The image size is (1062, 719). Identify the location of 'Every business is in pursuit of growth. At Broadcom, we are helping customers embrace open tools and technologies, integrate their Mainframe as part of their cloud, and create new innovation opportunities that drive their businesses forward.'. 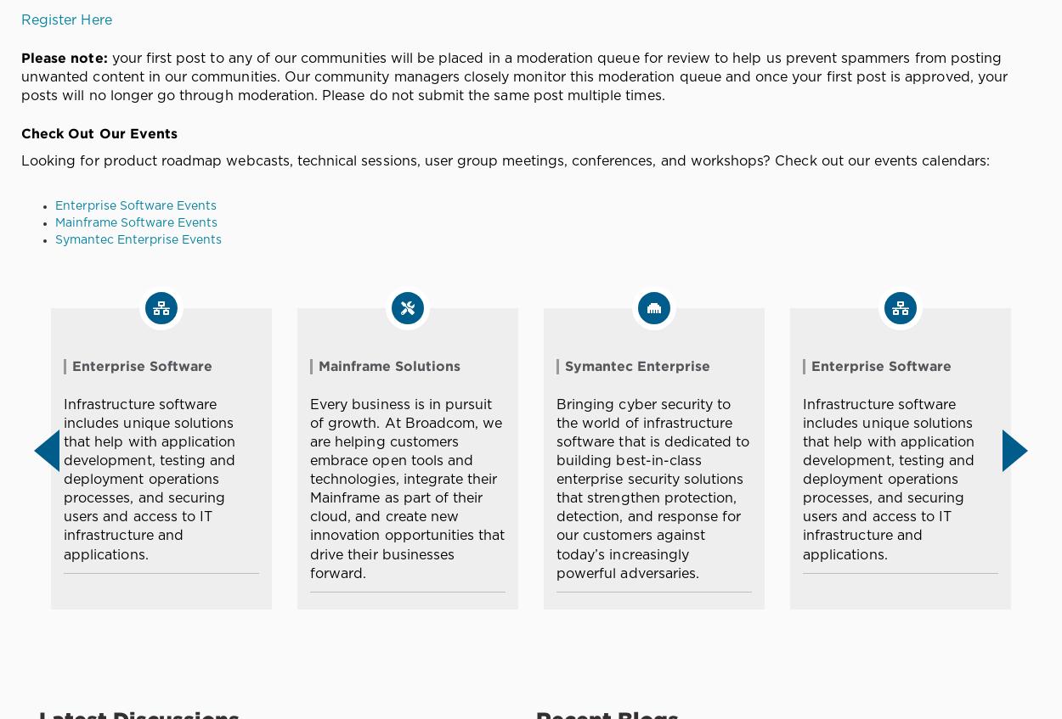
(406, 488).